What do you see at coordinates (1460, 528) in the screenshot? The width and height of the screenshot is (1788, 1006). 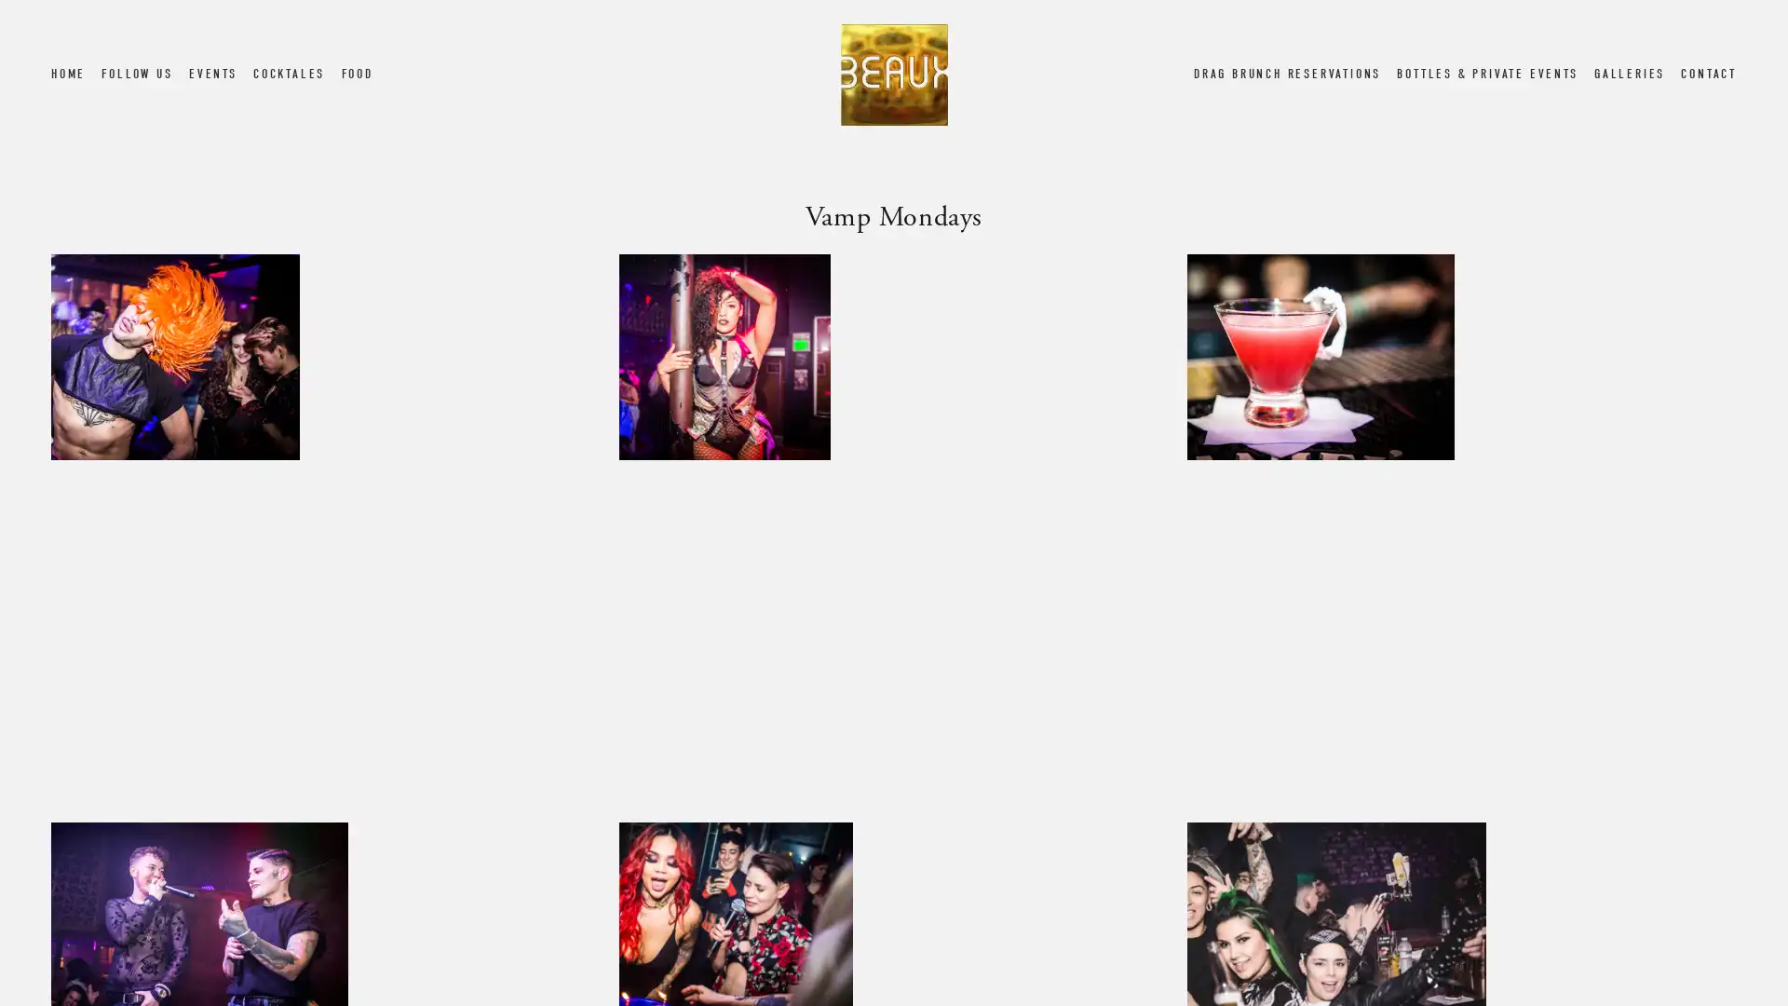 I see `View fullsize IMG_3849 copy.jpg` at bounding box center [1460, 528].